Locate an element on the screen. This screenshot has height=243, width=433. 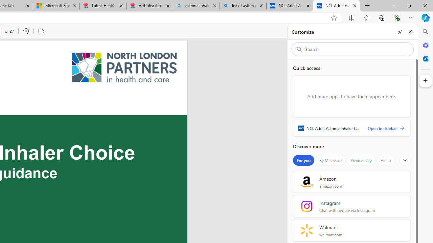
'Pin side pane' is located at coordinates (400, 31).